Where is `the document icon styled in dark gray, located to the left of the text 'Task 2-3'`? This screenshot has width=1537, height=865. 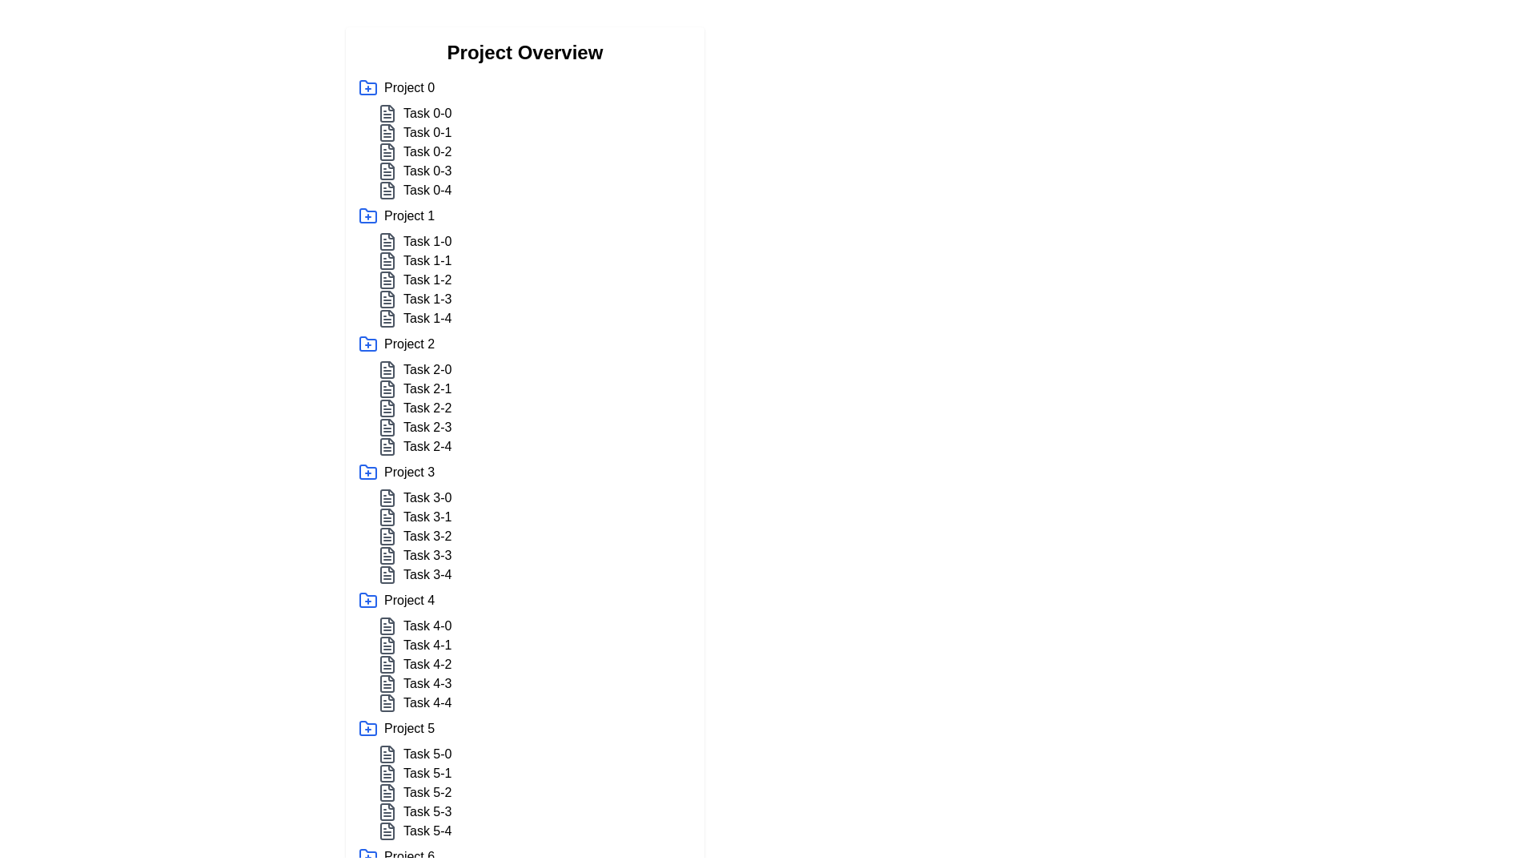 the document icon styled in dark gray, located to the left of the text 'Task 2-3' is located at coordinates (387, 426).